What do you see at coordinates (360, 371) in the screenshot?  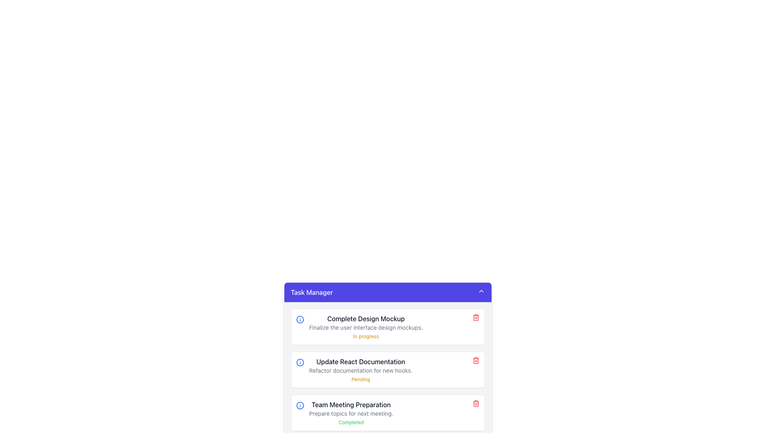 I see `text displayed in the Text Display element that shows 'Refactor documentation for new hooks.' located in the second task block of the Task Manager interface` at bounding box center [360, 371].